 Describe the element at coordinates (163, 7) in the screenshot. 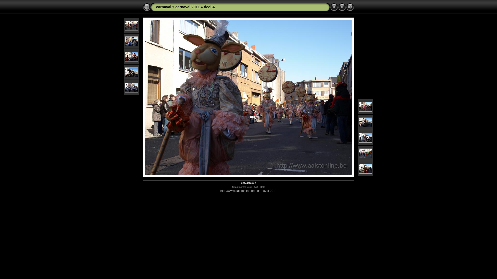

I see `'carnaval'` at that location.